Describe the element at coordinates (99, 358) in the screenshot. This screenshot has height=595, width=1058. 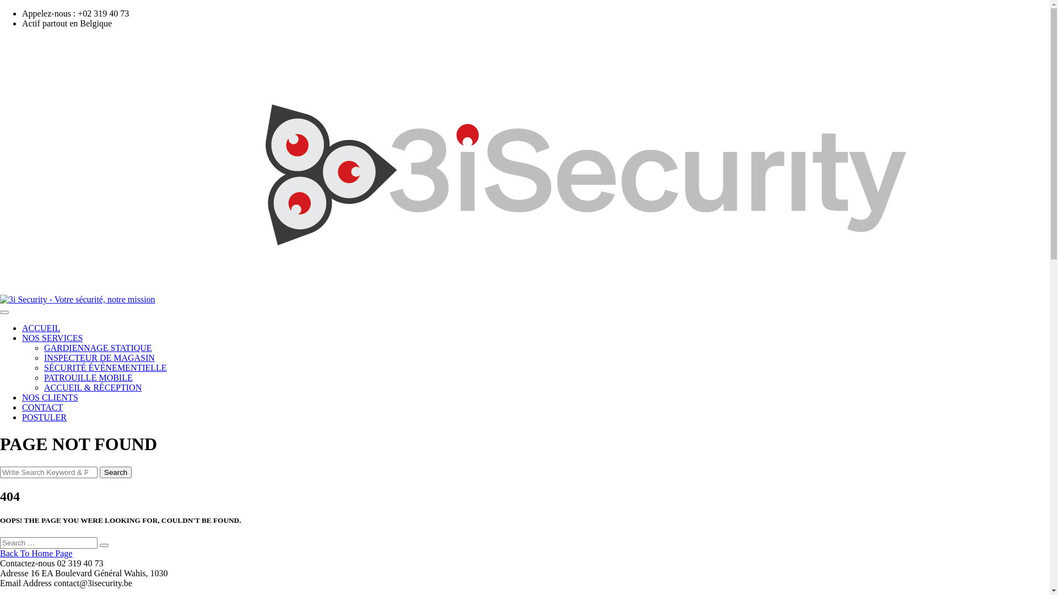
I see `'INSPECTEUR DE MAGASIN'` at that location.